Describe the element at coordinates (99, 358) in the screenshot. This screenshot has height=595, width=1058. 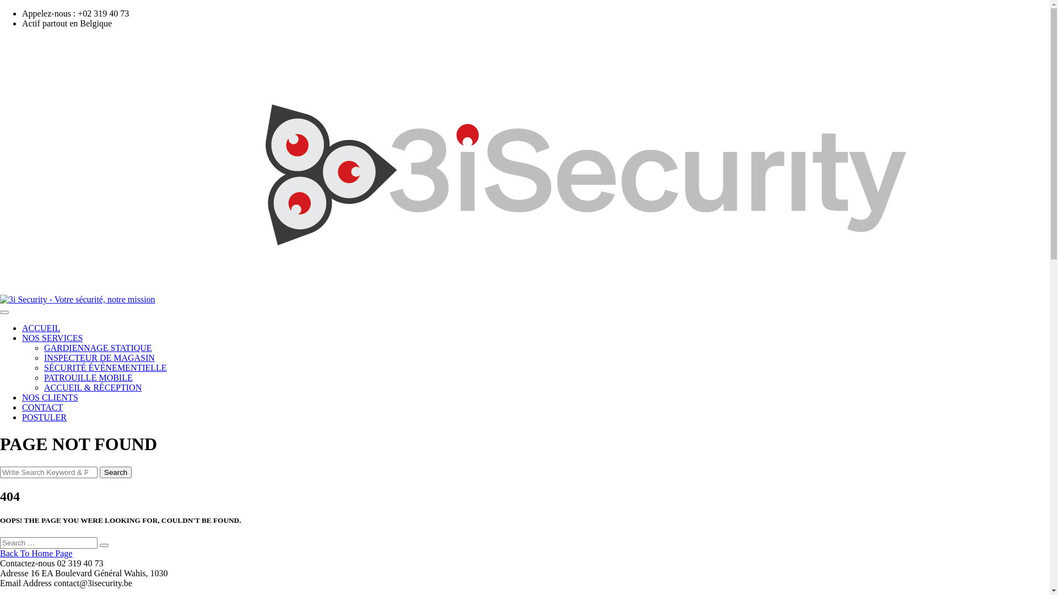
I see `'INSPECTEUR DE MAGASIN'` at that location.